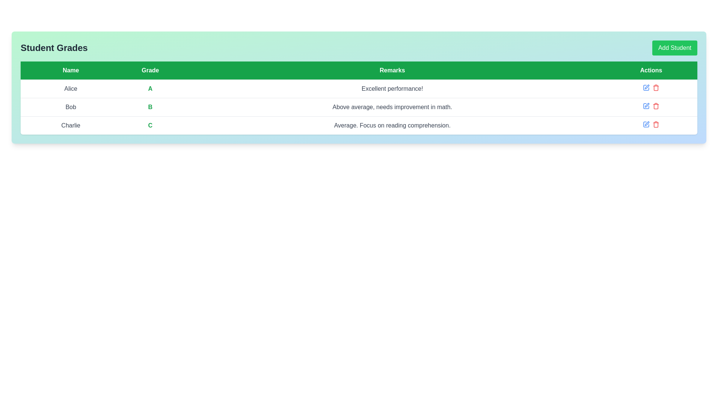 This screenshot has height=405, width=721. What do you see at coordinates (150, 107) in the screenshot?
I see `the bold green letter 'B' displayed in the second cell of the 'Grade' column for the row corresponding to 'Bob'` at bounding box center [150, 107].